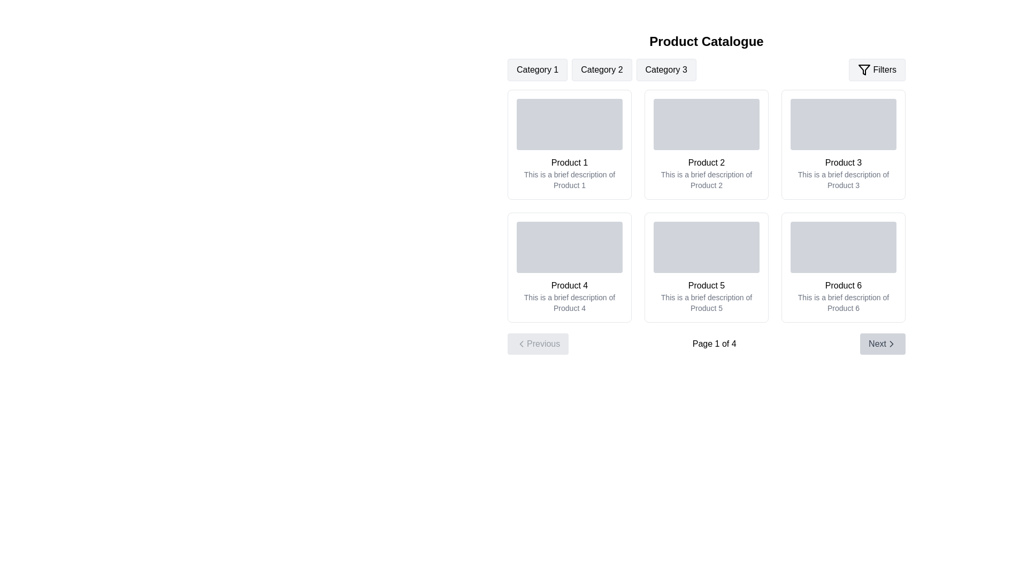 The width and height of the screenshot is (1027, 577). What do you see at coordinates (665, 70) in the screenshot?
I see `the third button in the category selector navigation menu to trigger hover effects` at bounding box center [665, 70].